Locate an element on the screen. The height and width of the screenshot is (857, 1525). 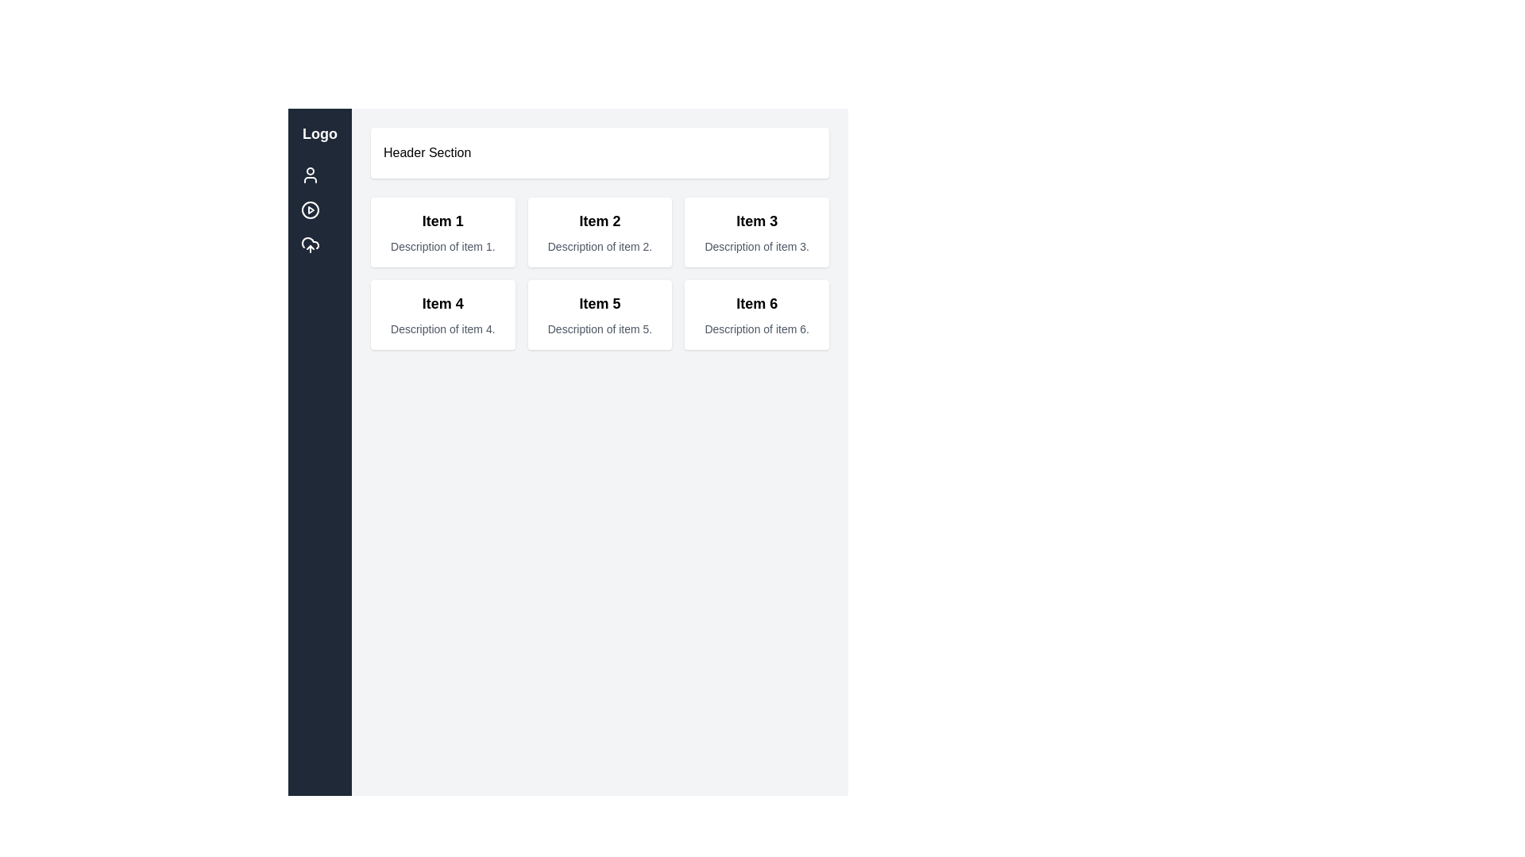
the Circular border element of the SVG icon representing media playback in the vertical navigation sidebar is located at coordinates (310, 209).